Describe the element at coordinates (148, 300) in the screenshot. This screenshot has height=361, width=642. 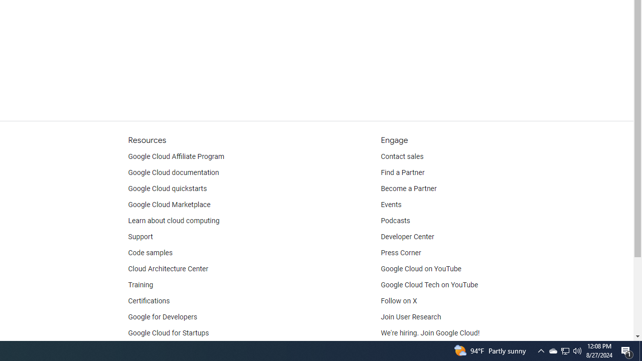
I see `'Certifications'` at that location.